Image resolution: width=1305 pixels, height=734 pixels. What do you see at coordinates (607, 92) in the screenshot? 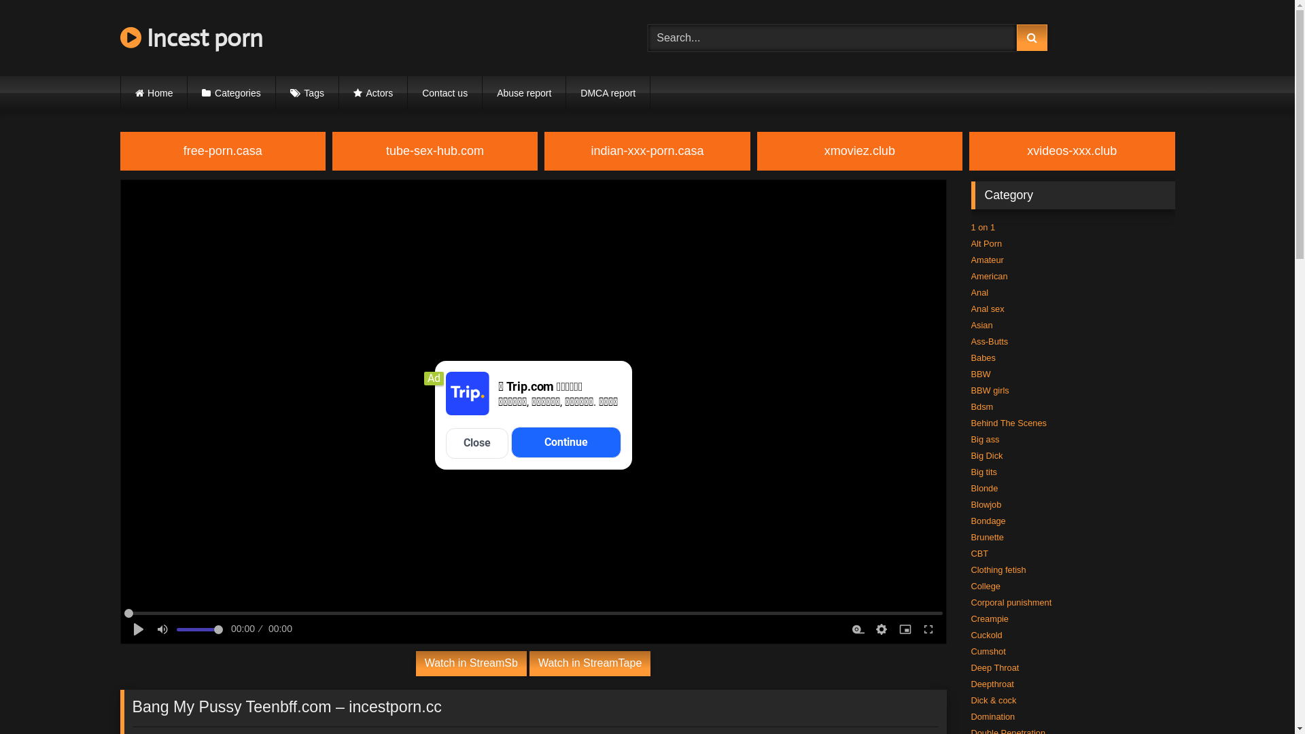
I see `'DMCA report'` at bounding box center [607, 92].